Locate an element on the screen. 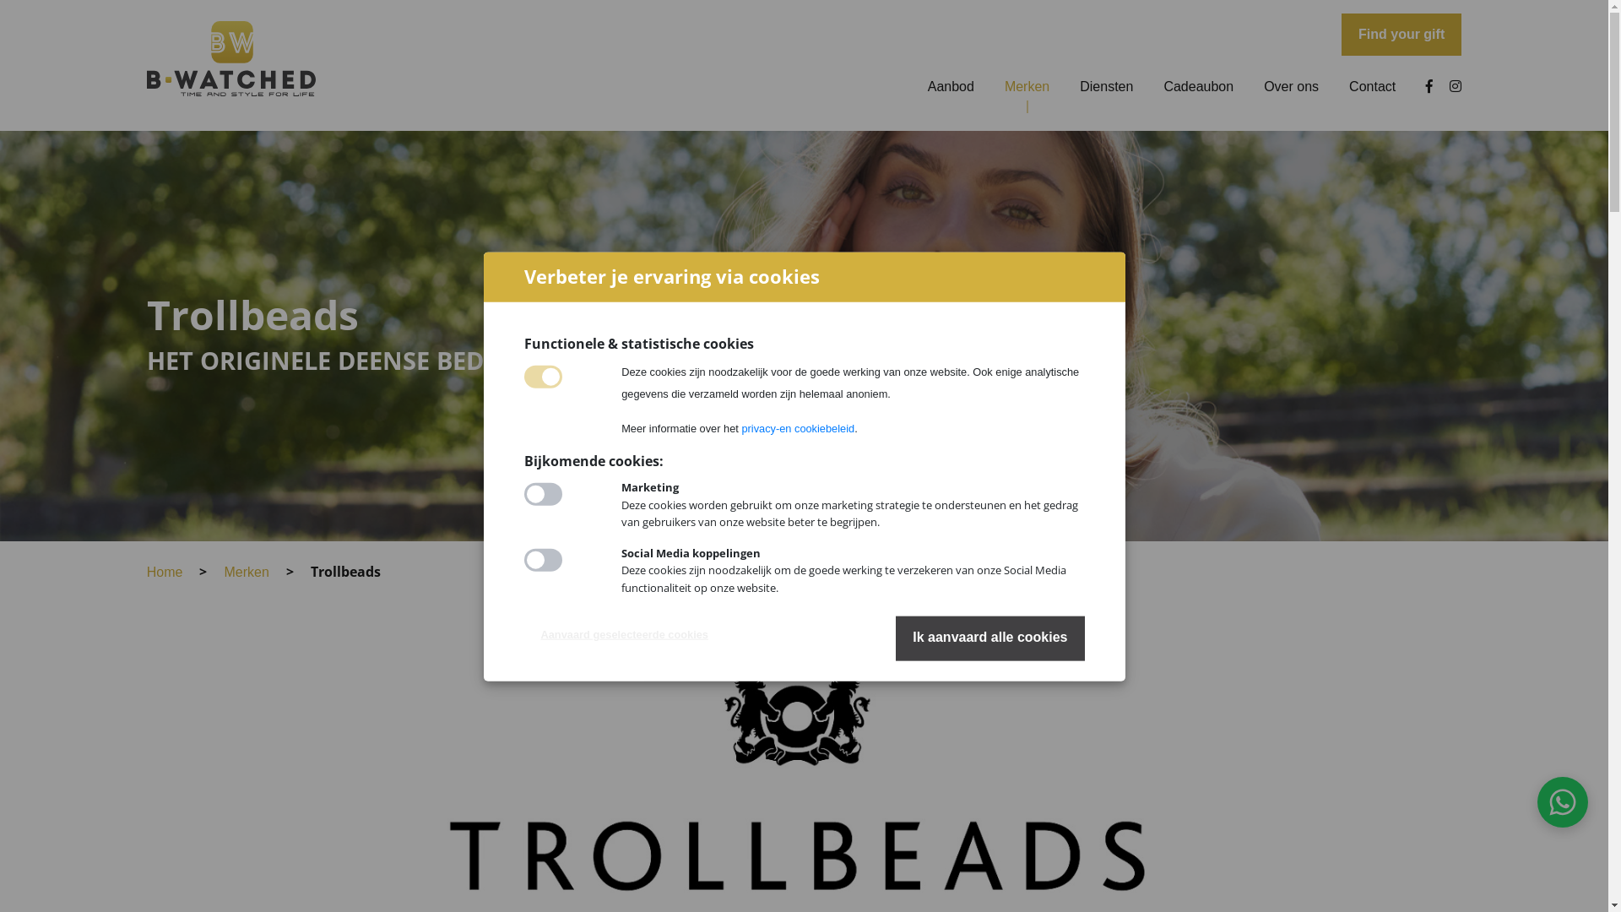 The width and height of the screenshot is (1621, 912). 'Aanvaard geselecteerde cookies' is located at coordinates (522, 635).